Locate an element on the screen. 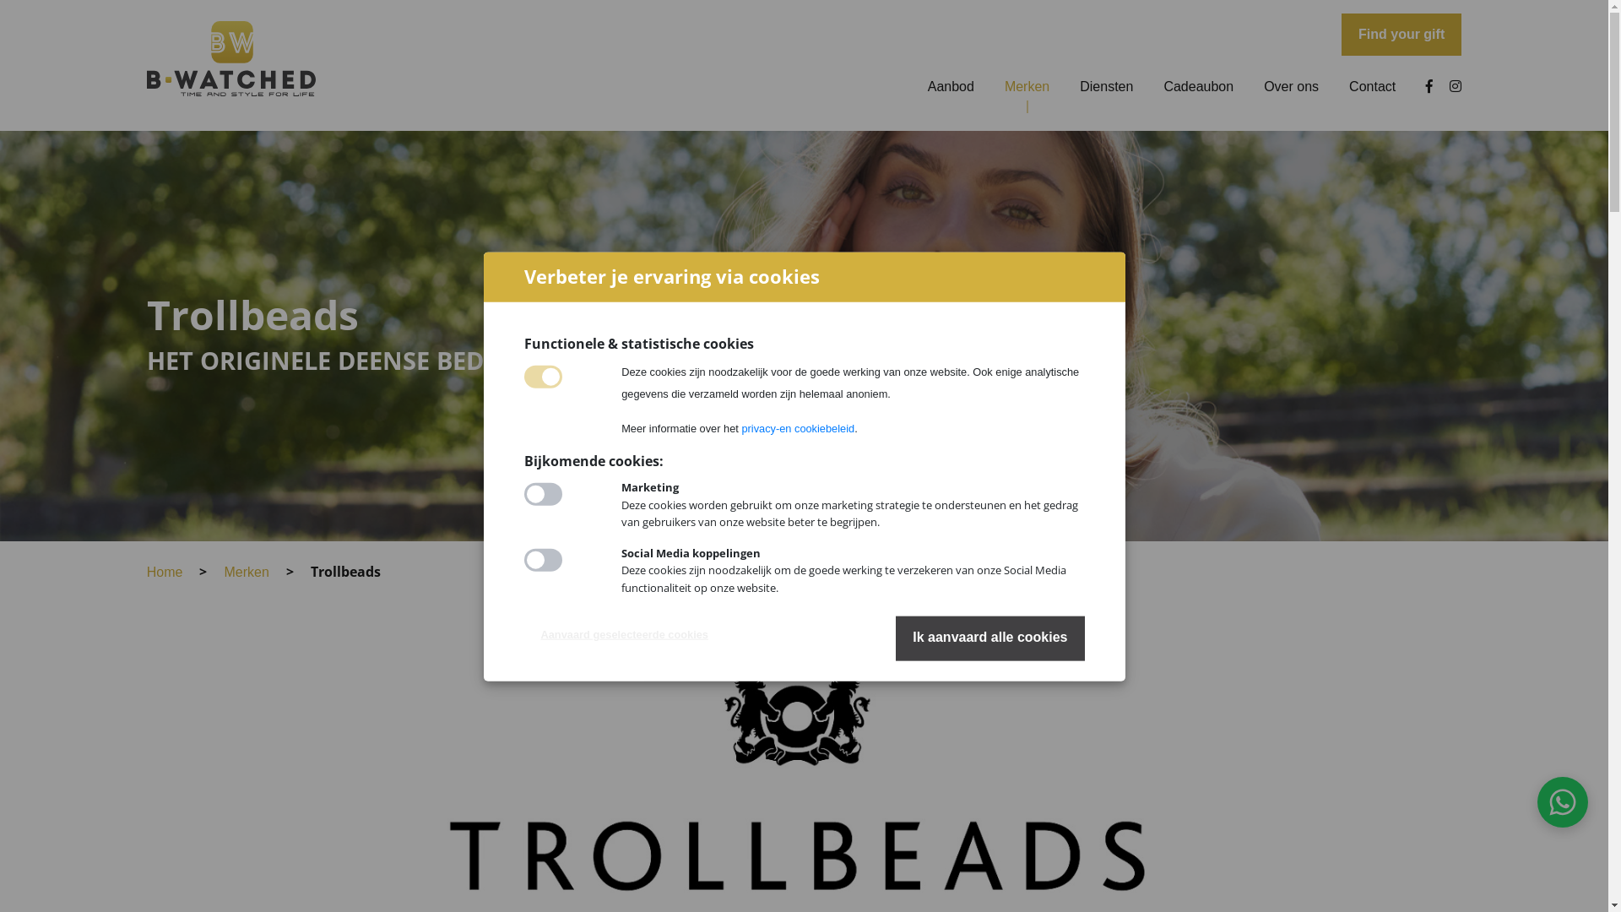 The width and height of the screenshot is (1621, 912). 'Aanvaard geselecteerde cookies' is located at coordinates (522, 635).